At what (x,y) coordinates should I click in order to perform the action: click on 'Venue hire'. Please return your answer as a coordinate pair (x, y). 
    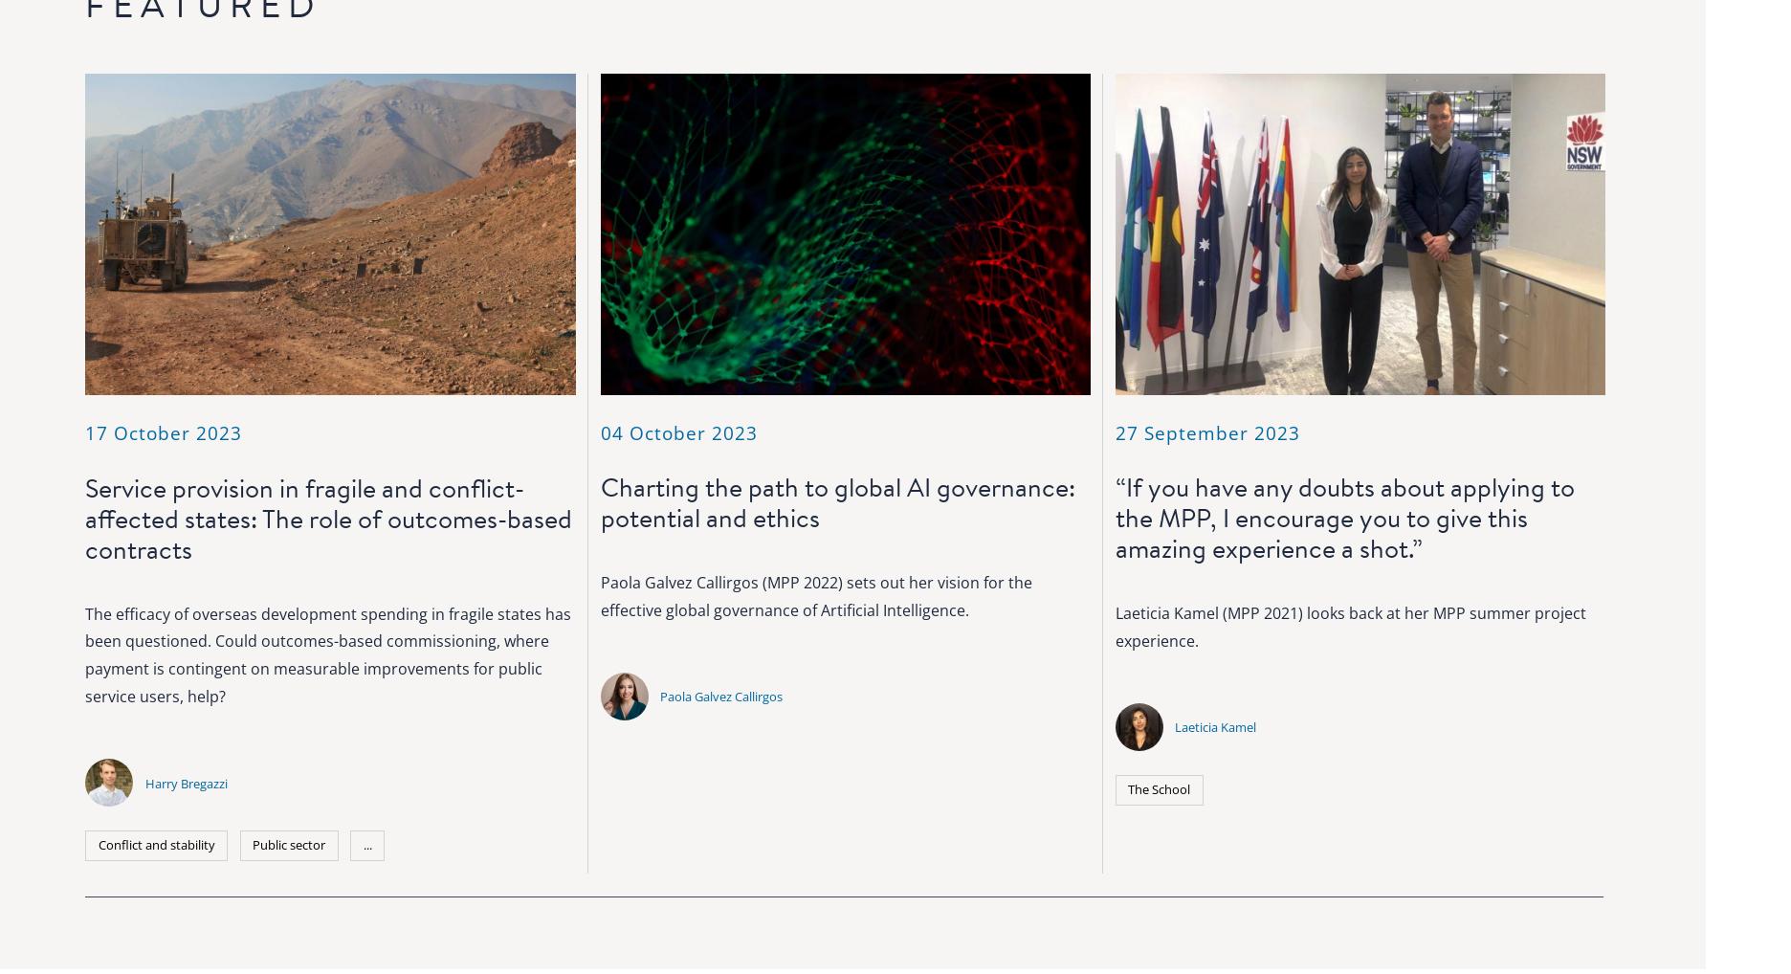
    Looking at the image, I should click on (1083, 726).